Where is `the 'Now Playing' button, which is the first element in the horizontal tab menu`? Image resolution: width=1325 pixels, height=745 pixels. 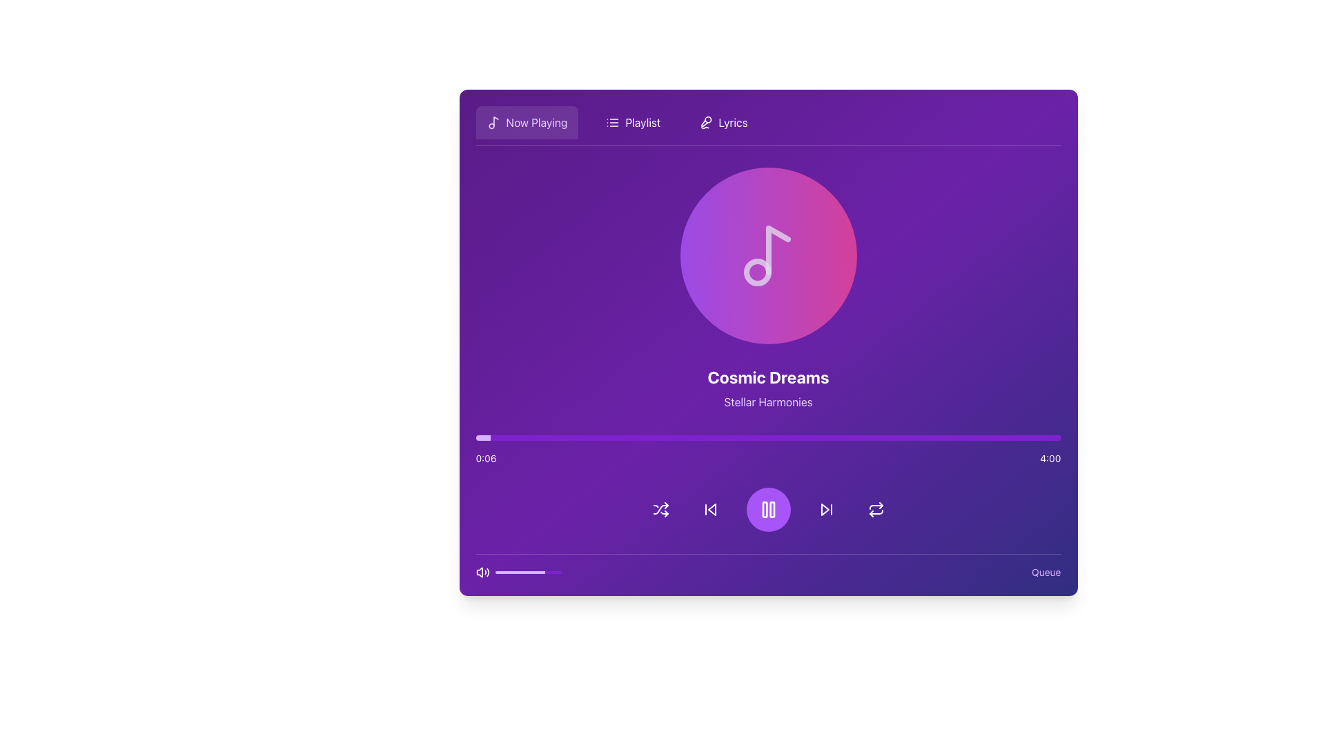
the 'Now Playing' button, which is the first element in the horizontal tab menu is located at coordinates (526, 121).